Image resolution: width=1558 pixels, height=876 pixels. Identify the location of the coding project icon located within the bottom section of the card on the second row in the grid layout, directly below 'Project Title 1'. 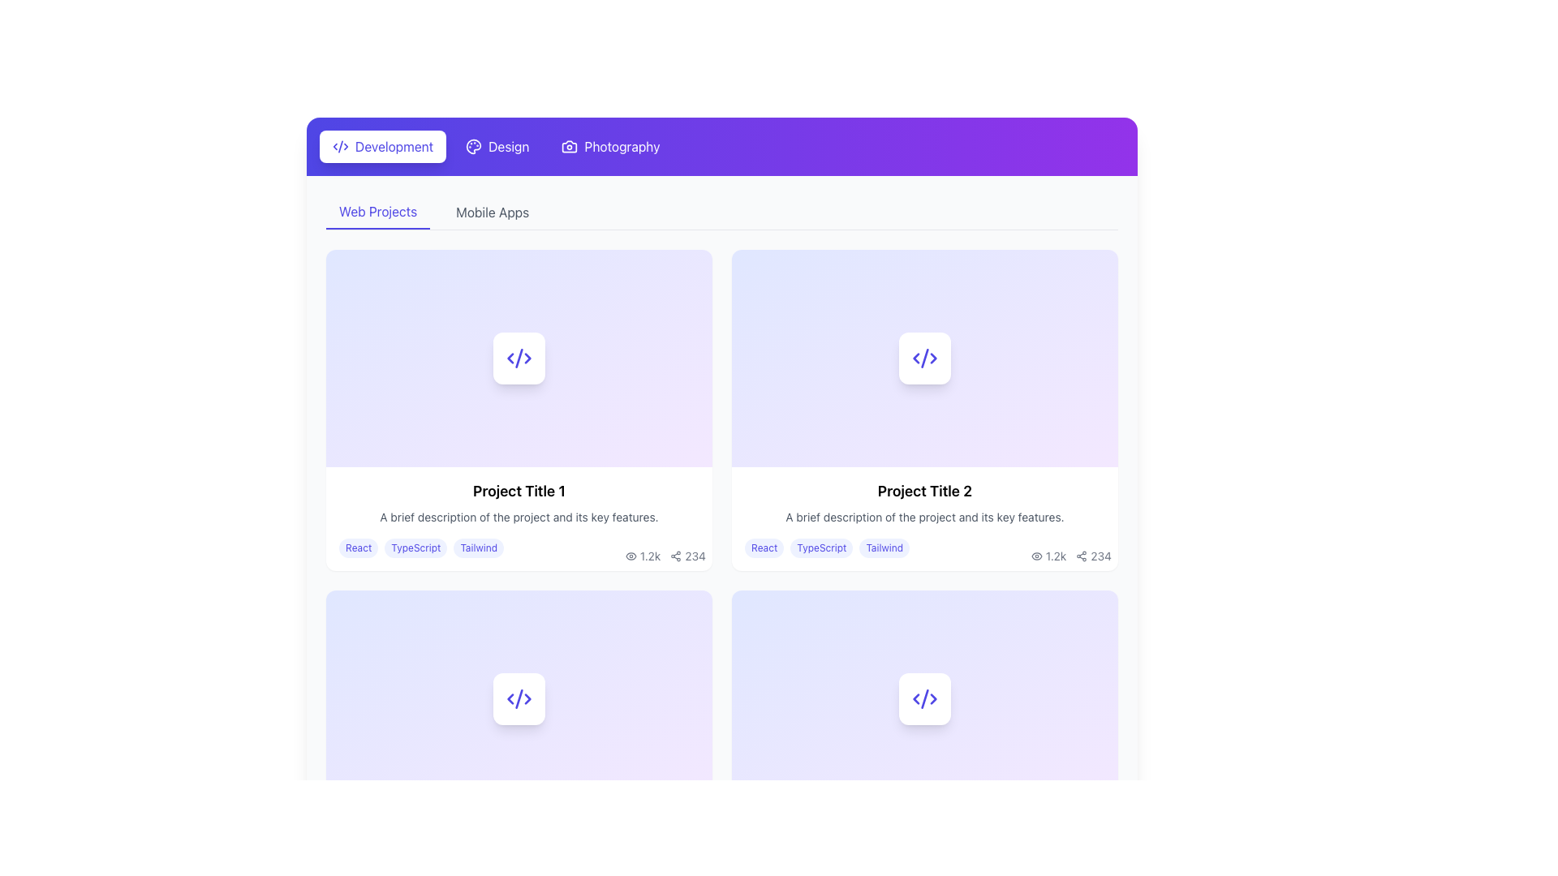
(518, 697).